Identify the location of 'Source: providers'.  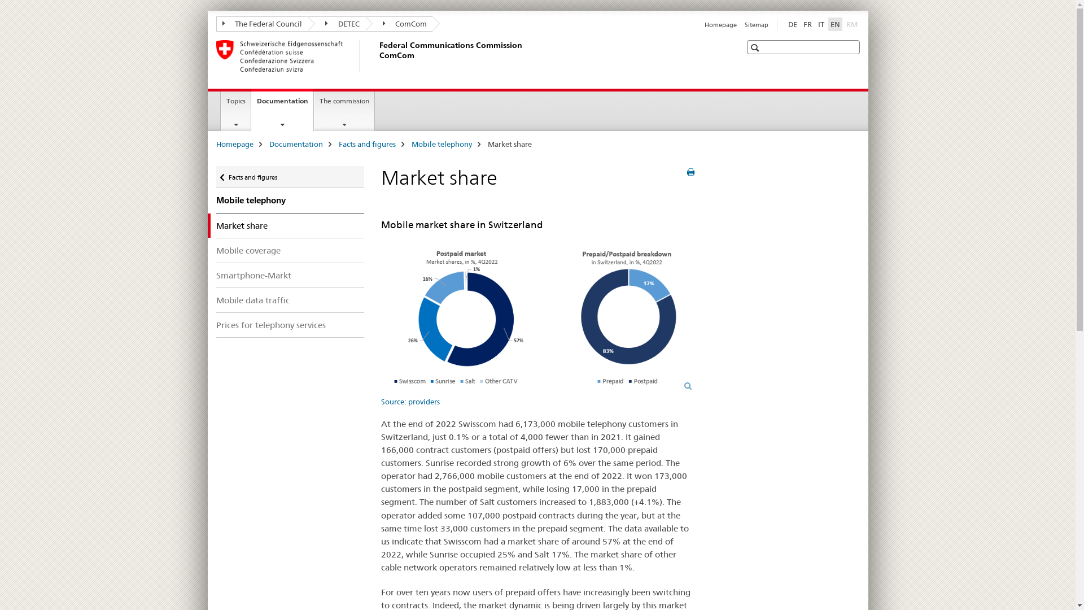
(537, 322).